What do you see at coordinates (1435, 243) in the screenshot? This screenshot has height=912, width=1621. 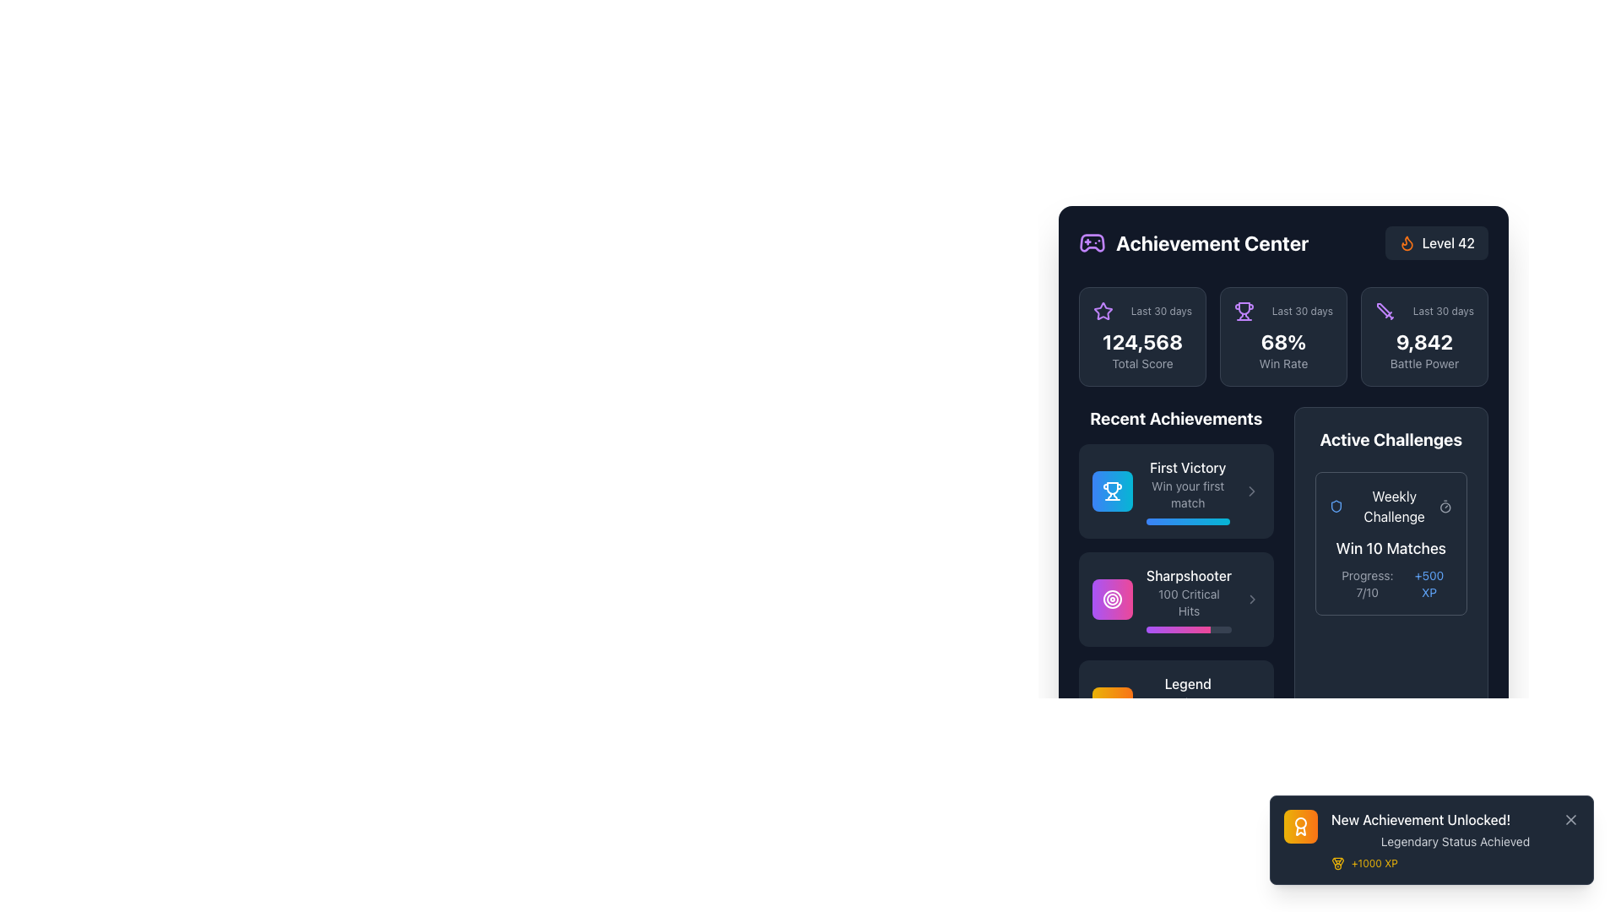 I see `the Label with the text 'Level 42' and flame-shaped icon in orange, located in the top-right section next to the title 'Achievement Center'` at bounding box center [1435, 243].